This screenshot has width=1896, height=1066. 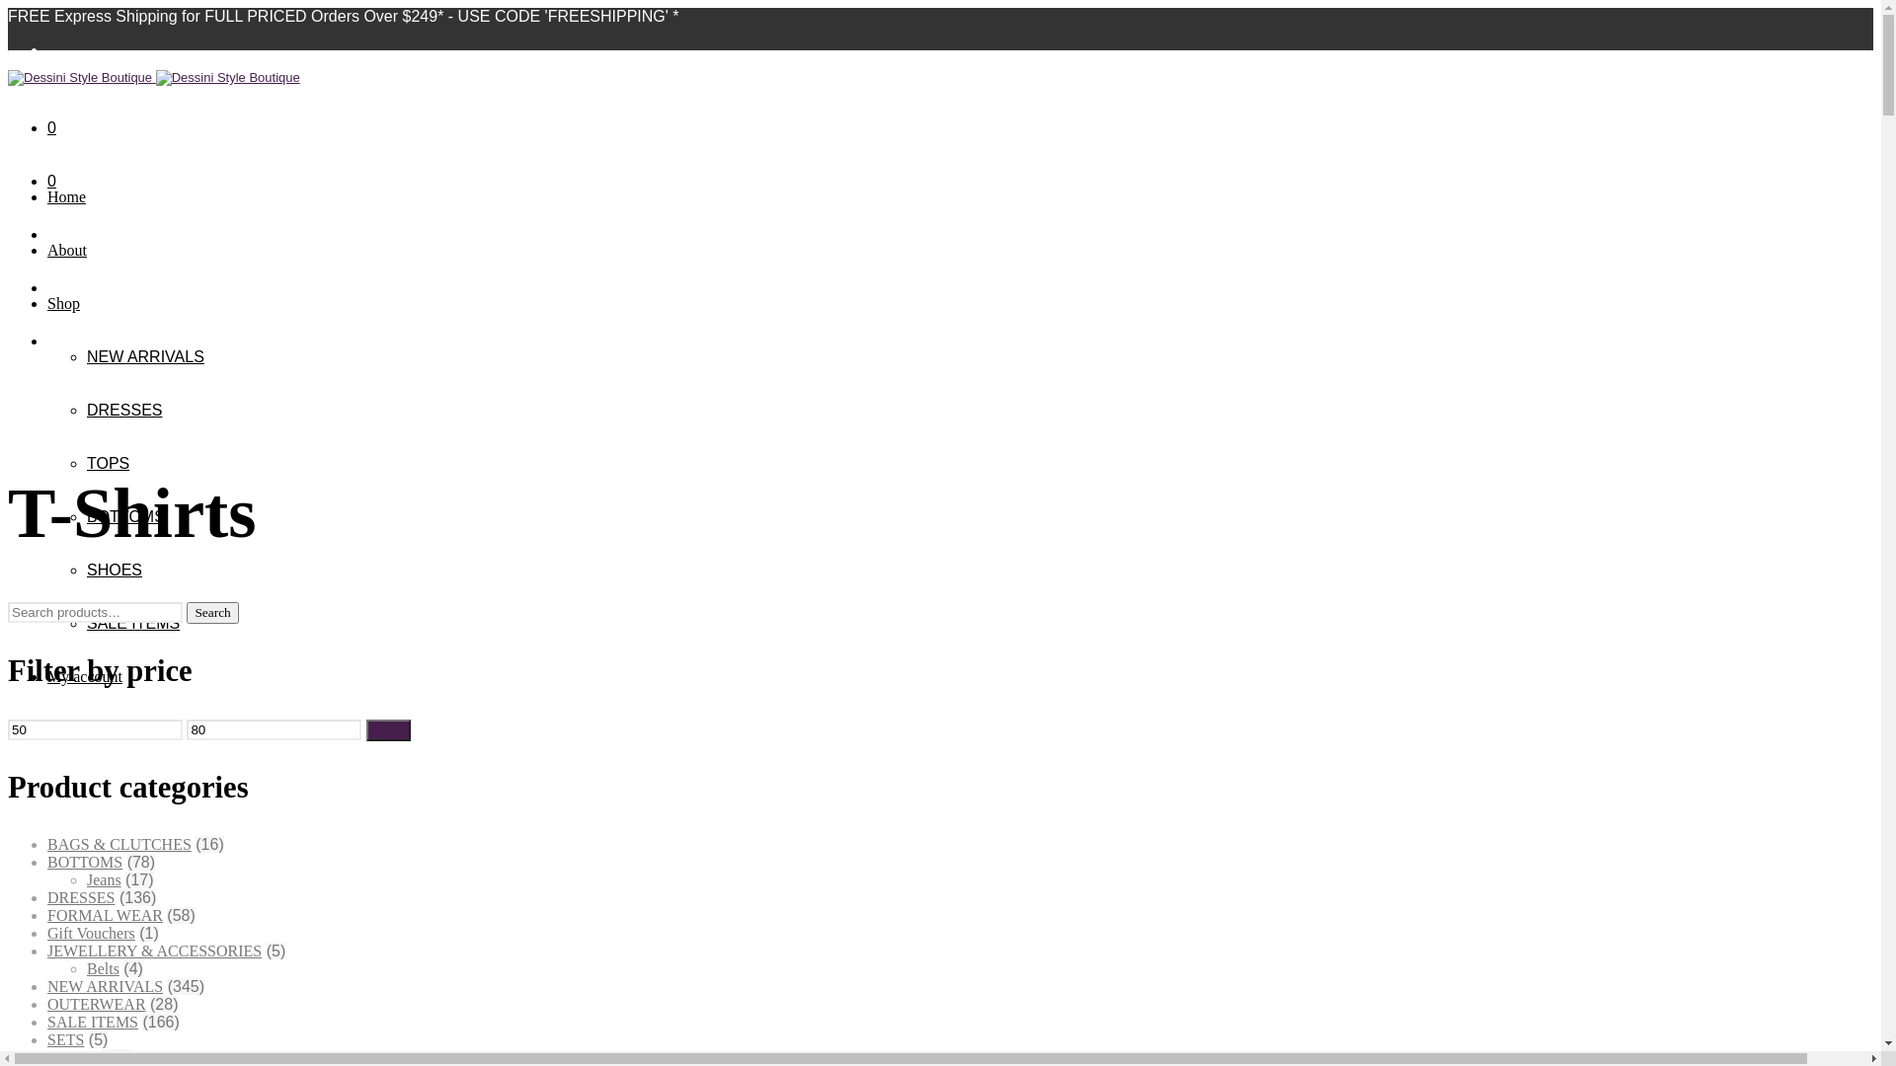 What do you see at coordinates (51, 181) in the screenshot?
I see `'0'` at bounding box center [51, 181].